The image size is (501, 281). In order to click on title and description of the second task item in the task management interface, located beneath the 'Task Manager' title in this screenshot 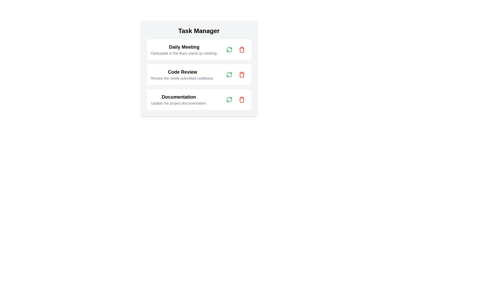, I will do `click(199, 68)`.